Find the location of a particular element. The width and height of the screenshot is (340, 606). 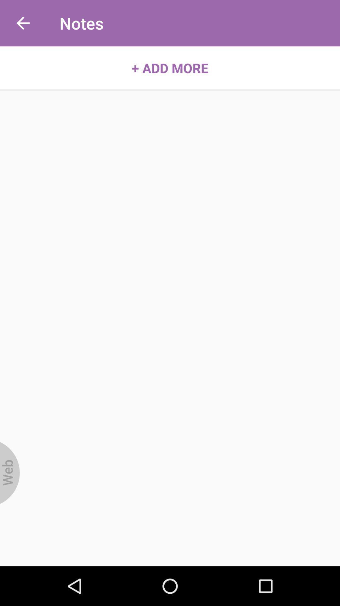

the icon to the left of the notes is located at coordinates (23, 23).